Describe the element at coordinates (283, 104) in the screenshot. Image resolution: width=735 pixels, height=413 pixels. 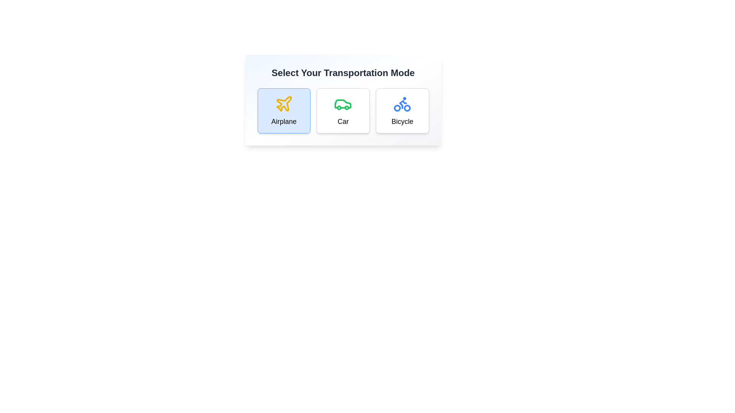
I see `the airplane transportation mode icon, which is the first among three horizontally aligned icons in the panel` at that location.